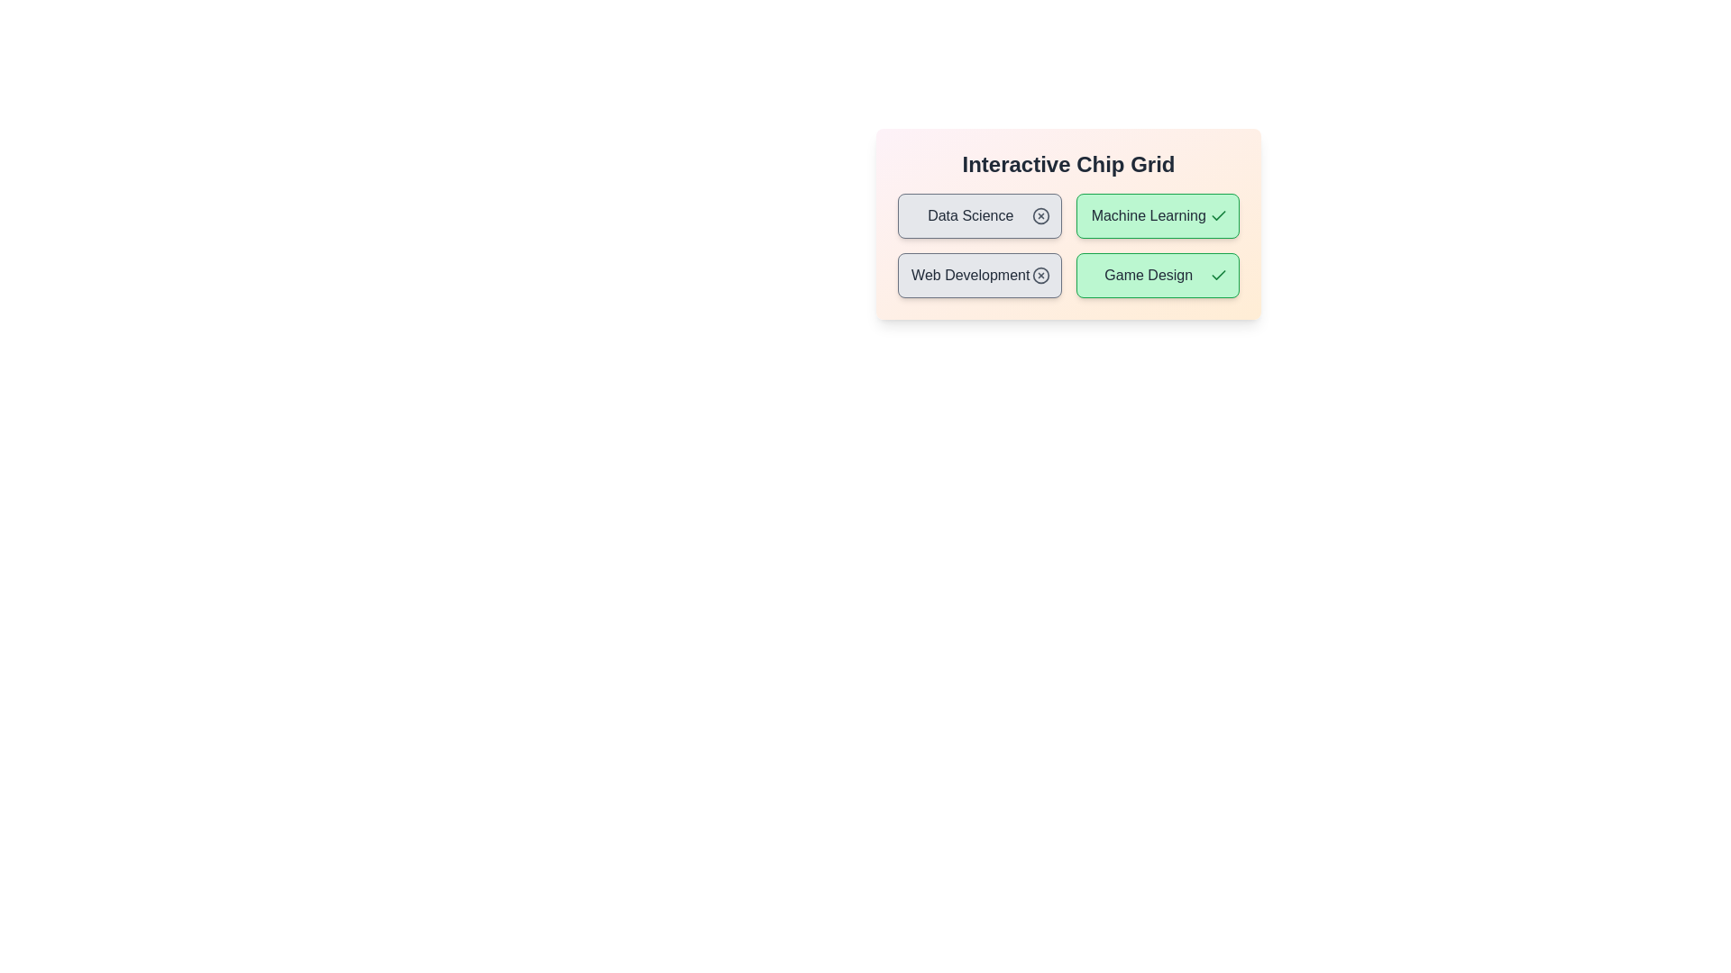 This screenshot has width=1731, height=973. What do you see at coordinates (978, 214) in the screenshot?
I see `the chip labeled Data Science to toggle its activation state` at bounding box center [978, 214].